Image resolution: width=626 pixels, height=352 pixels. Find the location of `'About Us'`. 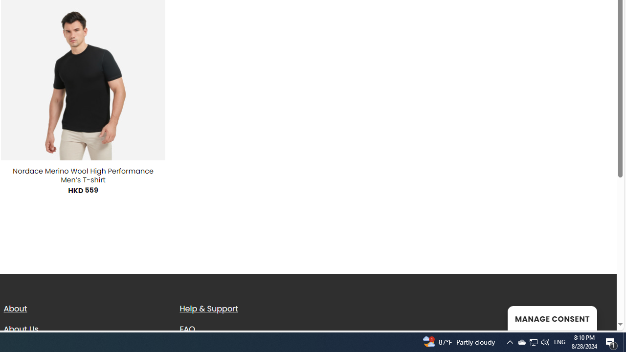

'About Us' is located at coordinates (21, 329).